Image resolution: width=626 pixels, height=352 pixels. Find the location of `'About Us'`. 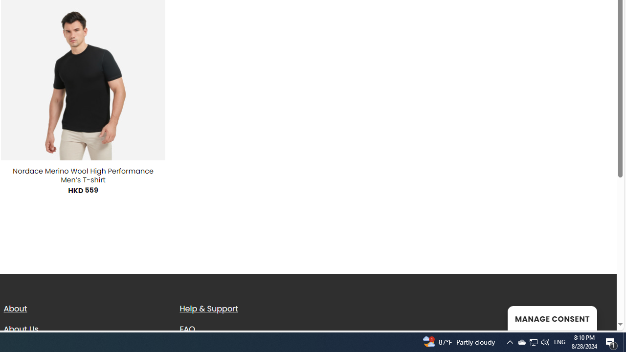

'About Us' is located at coordinates (21, 329).